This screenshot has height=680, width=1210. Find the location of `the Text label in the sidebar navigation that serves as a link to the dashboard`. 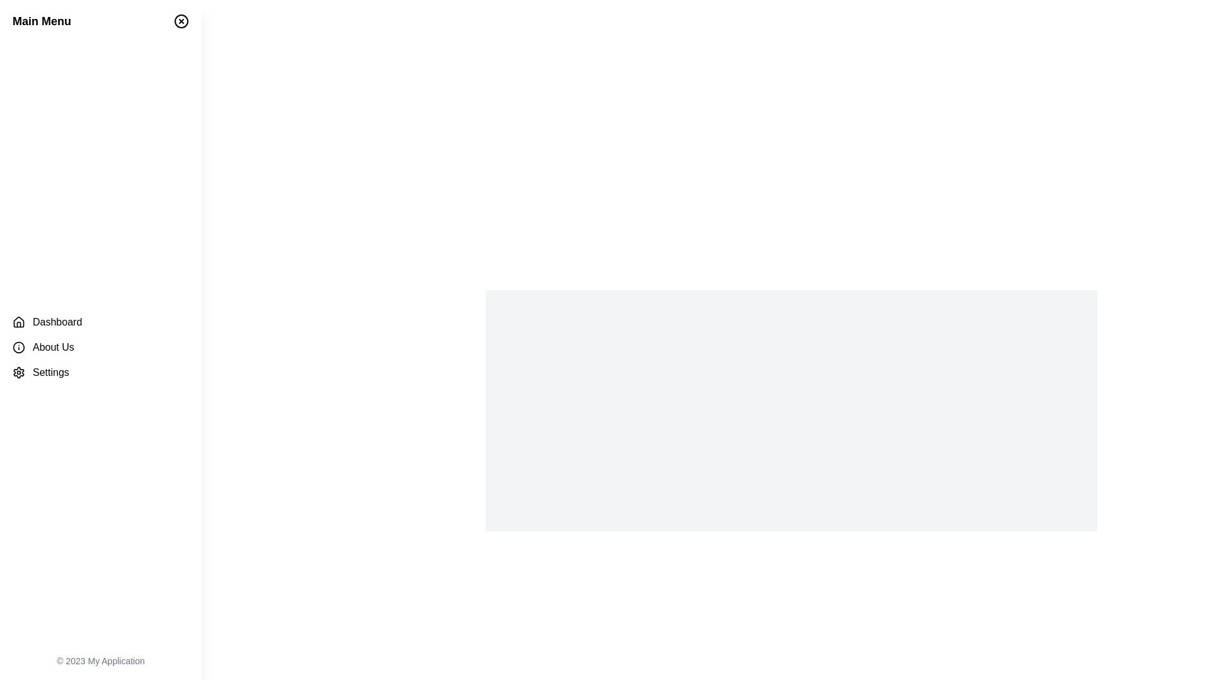

the Text label in the sidebar navigation that serves as a link to the dashboard is located at coordinates (57, 322).